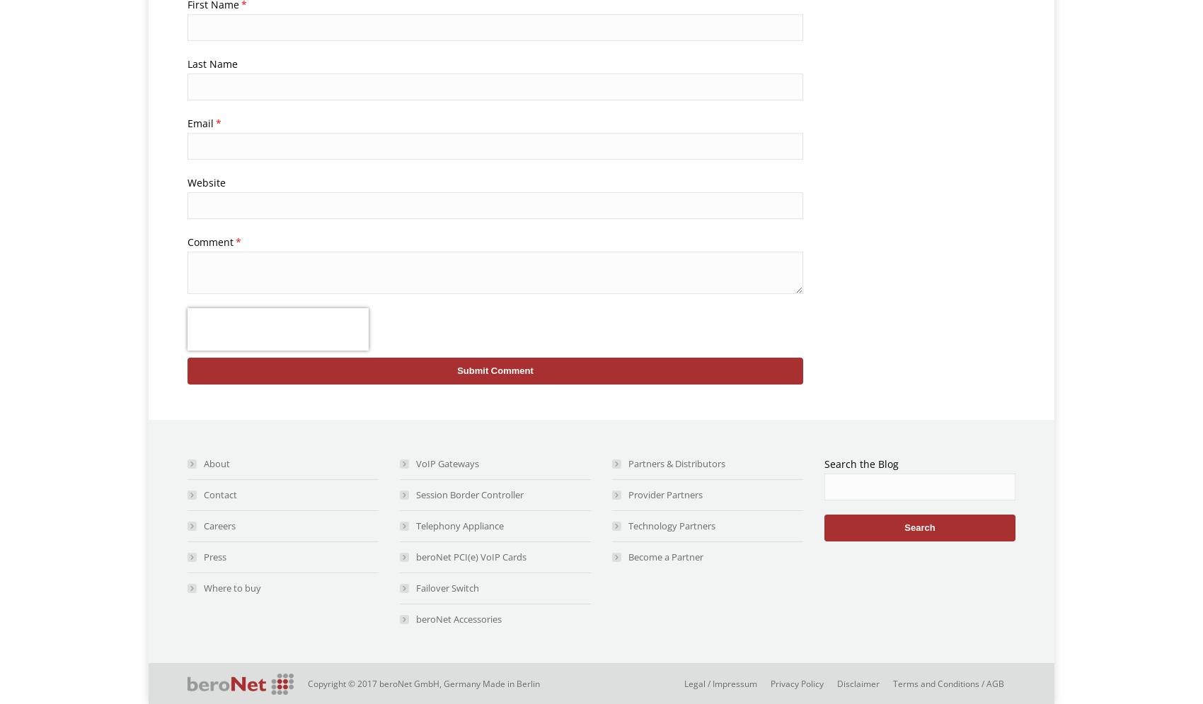 This screenshot has width=1203, height=704. What do you see at coordinates (423, 683) in the screenshot?
I see `'Copyright © 2017 beroNet GmbH, Germany Made in Berlin'` at bounding box center [423, 683].